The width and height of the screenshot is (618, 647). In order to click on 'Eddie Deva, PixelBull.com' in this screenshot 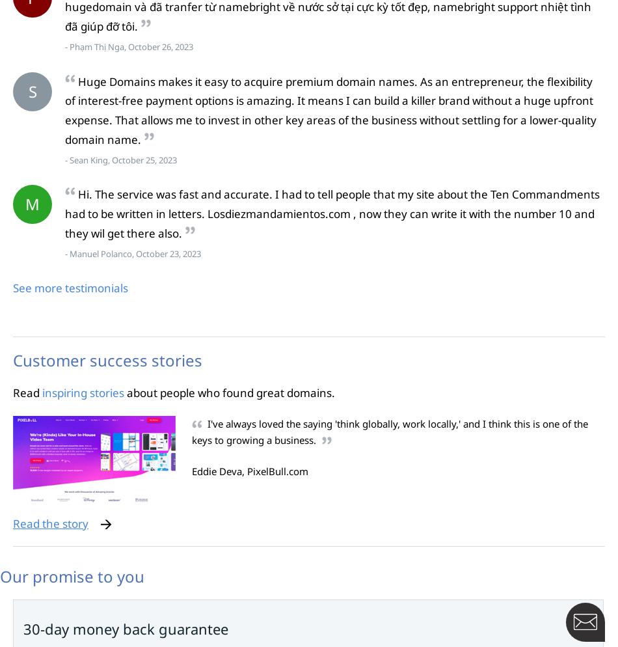, I will do `click(249, 471)`.